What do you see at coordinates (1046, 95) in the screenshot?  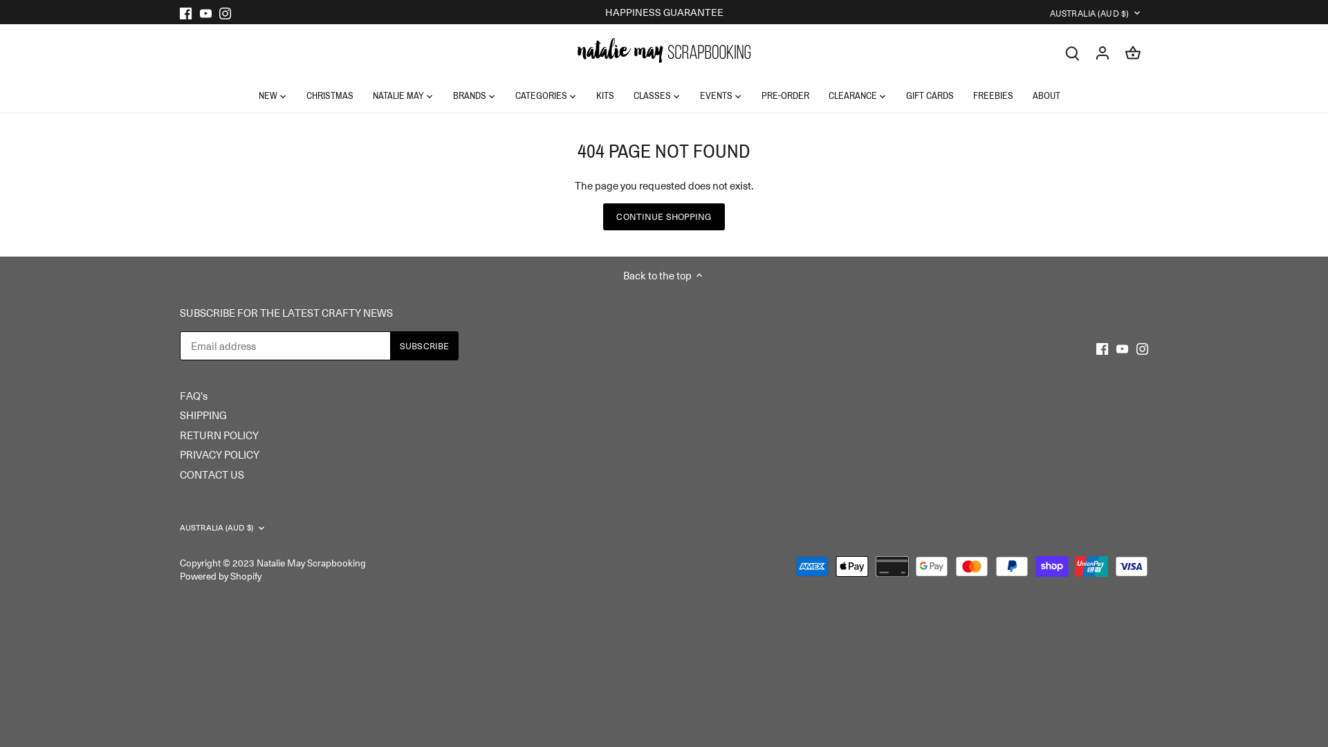 I see `'ABOUT'` at bounding box center [1046, 95].